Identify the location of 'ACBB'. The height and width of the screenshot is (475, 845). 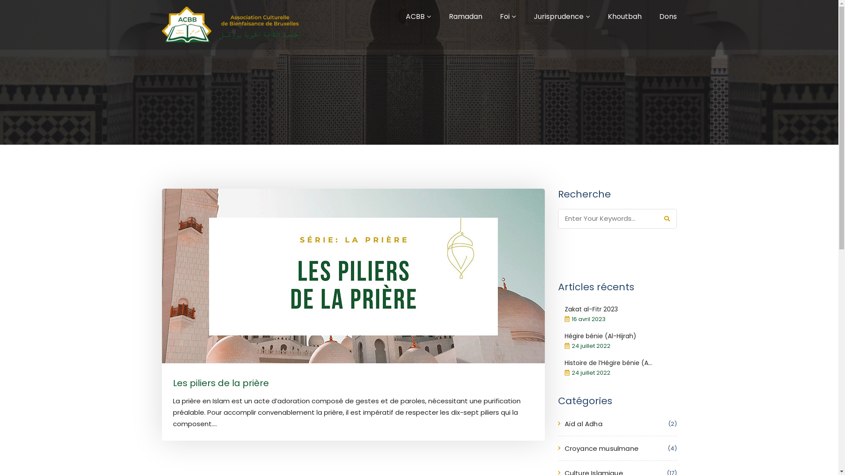
(415, 16).